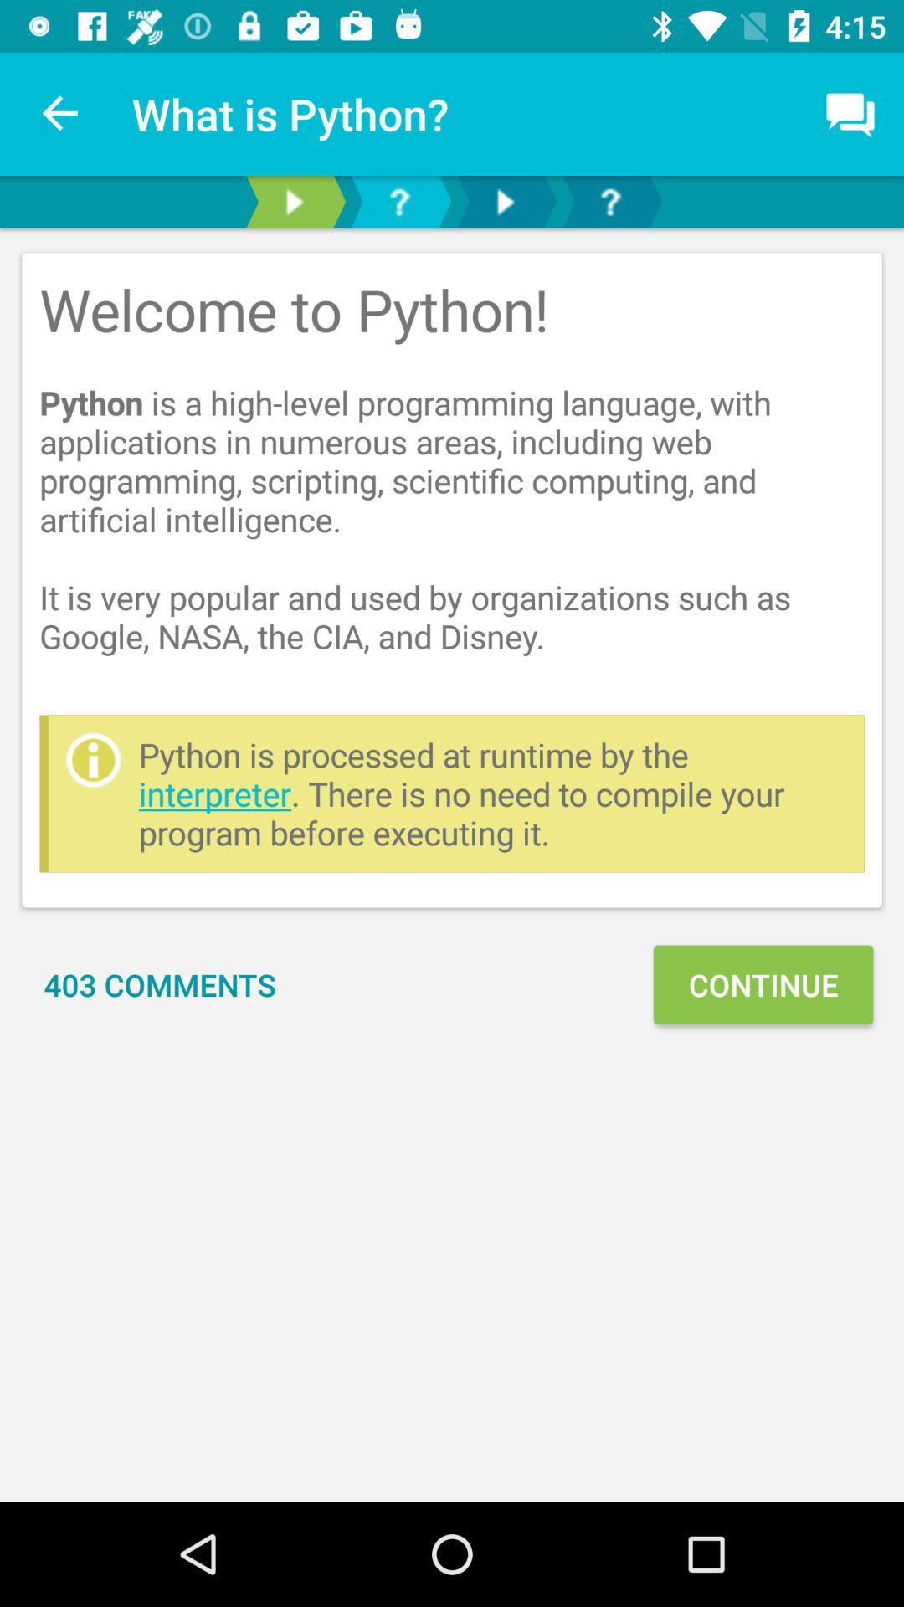  Describe the element at coordinates (293, 201) in the screenshot. I see `show information` at that location.